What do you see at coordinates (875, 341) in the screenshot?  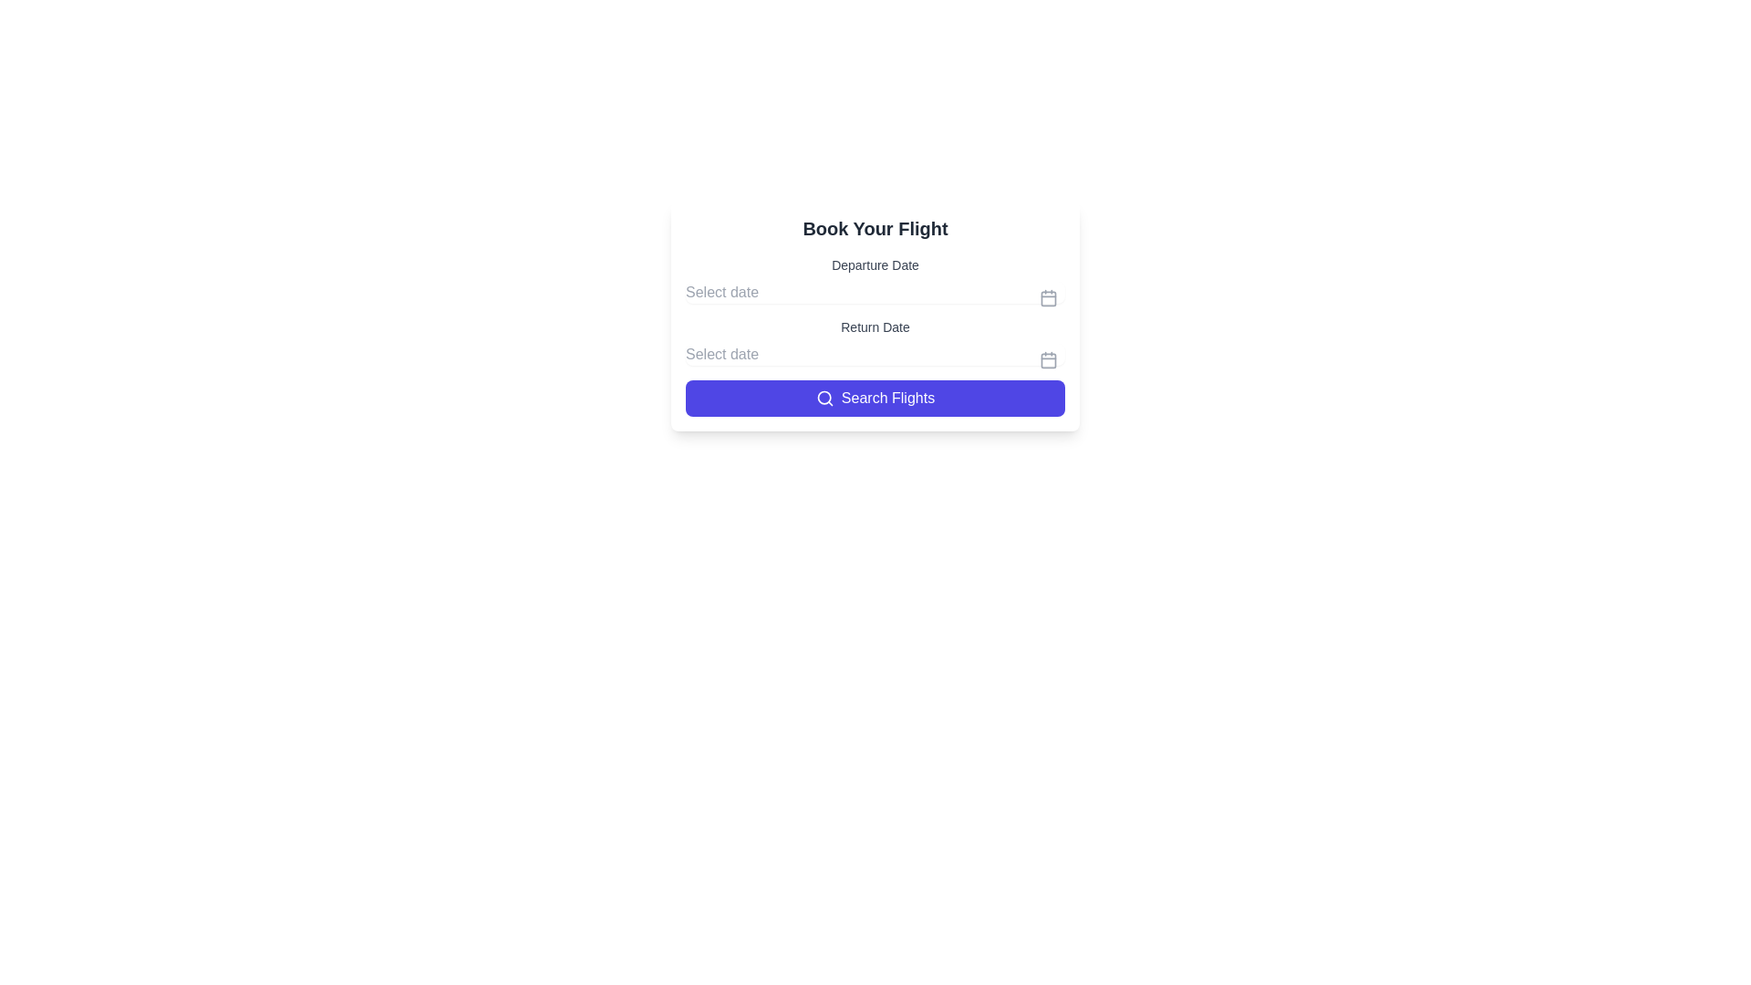 I see `the 'Return Date' input box` at bounding box center [875, 341].